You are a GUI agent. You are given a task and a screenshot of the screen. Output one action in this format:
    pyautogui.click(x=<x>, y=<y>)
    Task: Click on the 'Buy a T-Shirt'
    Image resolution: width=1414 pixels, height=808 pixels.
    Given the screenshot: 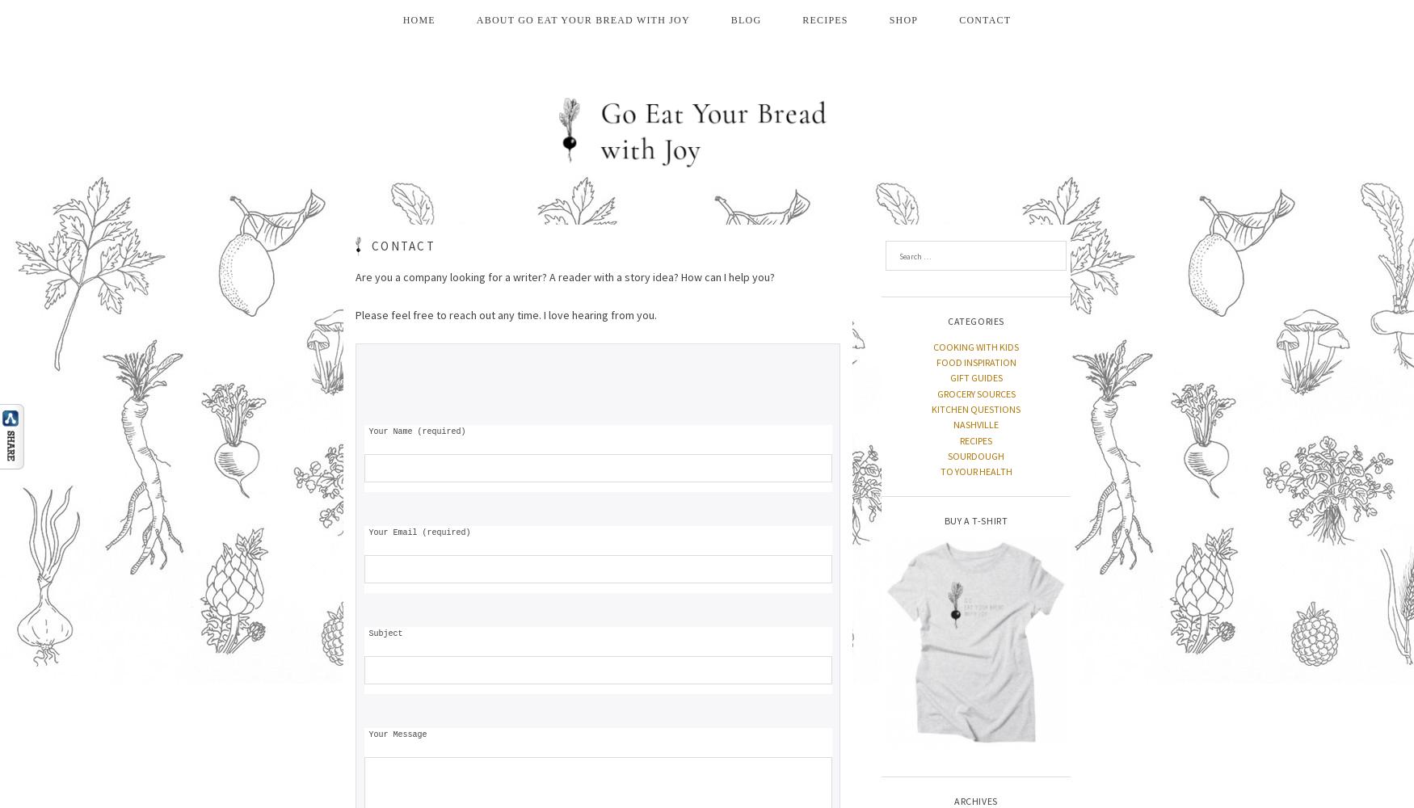 What is the action you would take?
    pyautogui.click(x=975, y=520)
    